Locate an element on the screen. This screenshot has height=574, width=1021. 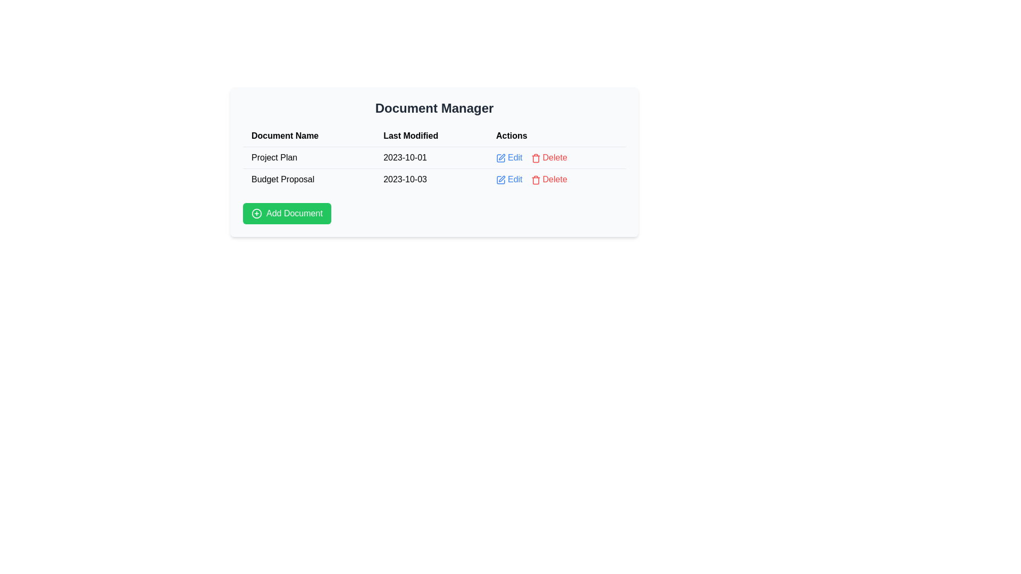
the first row of the document table, which displays information about a document including its name, last modification date, and available actions (Edit and Delete) is located at coordinates (434, 167).